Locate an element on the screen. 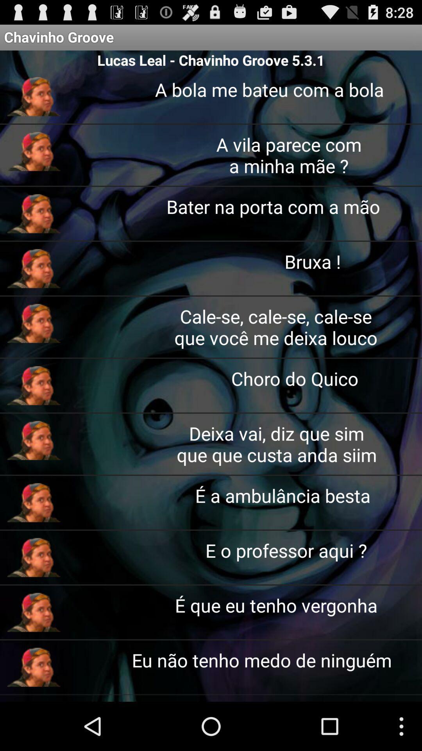 This screenshot has width=422, height=751. the last but one image is located at coordinates (34, 612).